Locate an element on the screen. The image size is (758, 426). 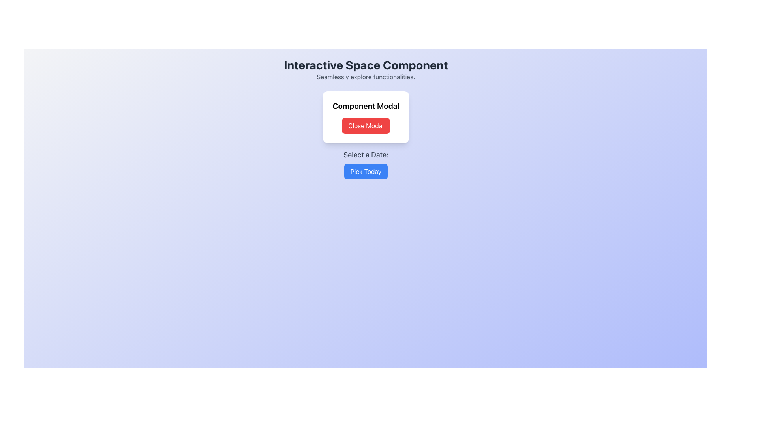
anywhere inside the modal component that displays a title and a button to bring it into focus is located at coordinates (365, 117).